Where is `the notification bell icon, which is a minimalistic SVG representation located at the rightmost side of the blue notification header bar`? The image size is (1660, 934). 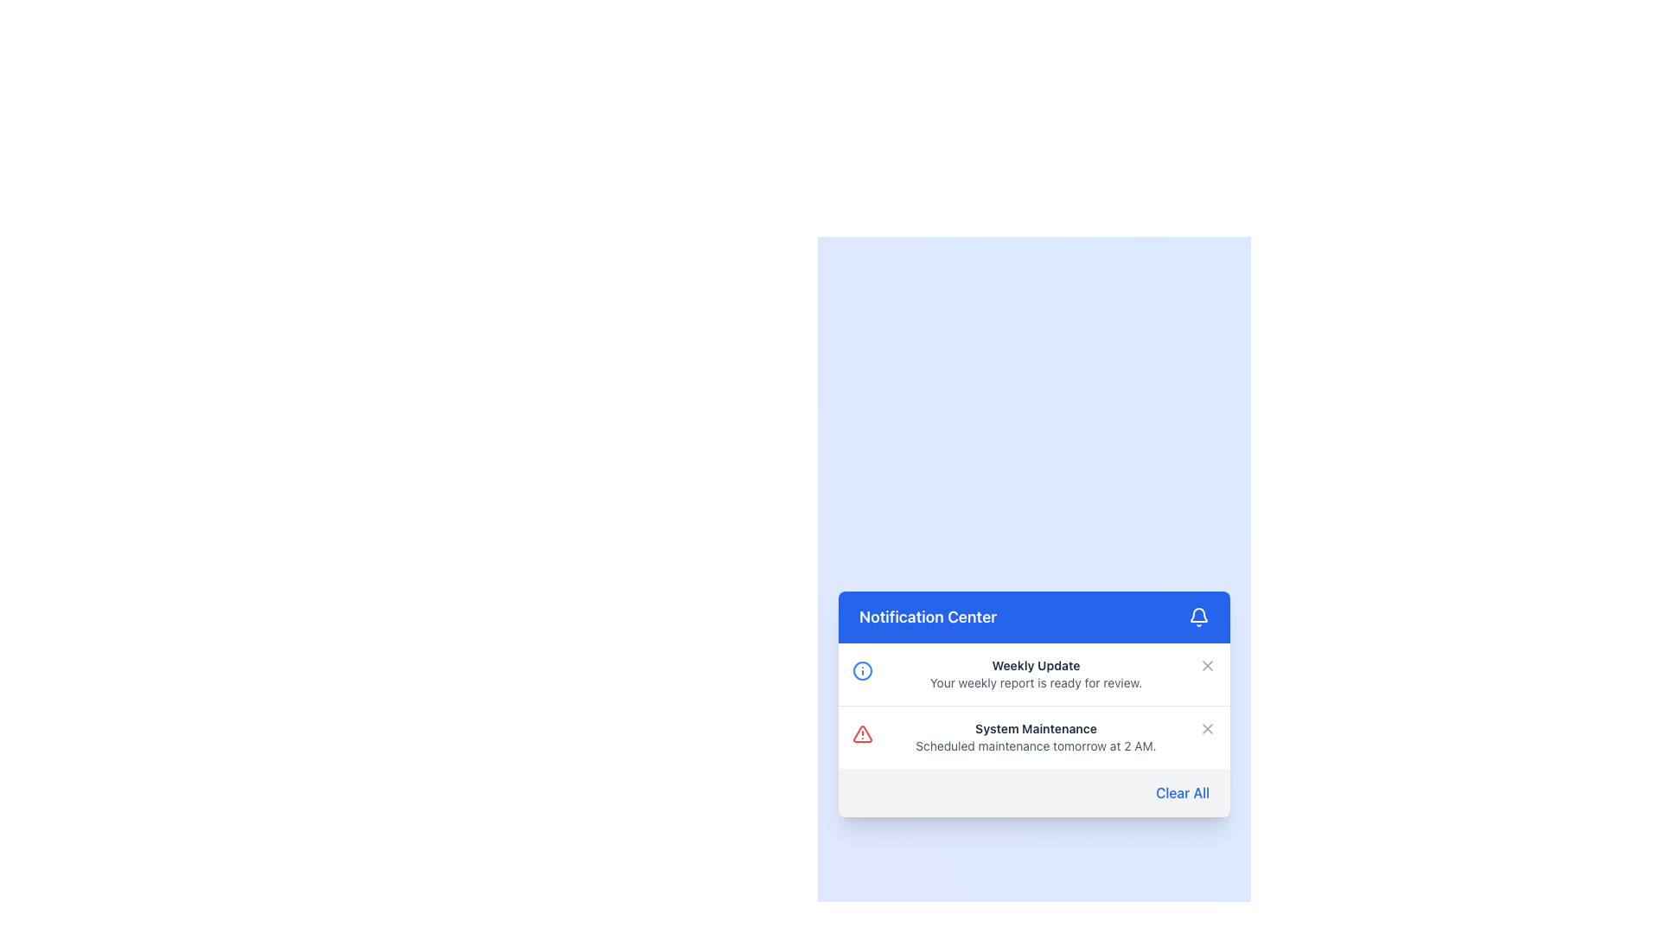
the notification bell icon, which is a minimalistic SVG representation located at the rightmost side of the blue notification header bar is located at coordinates (1198, 616).